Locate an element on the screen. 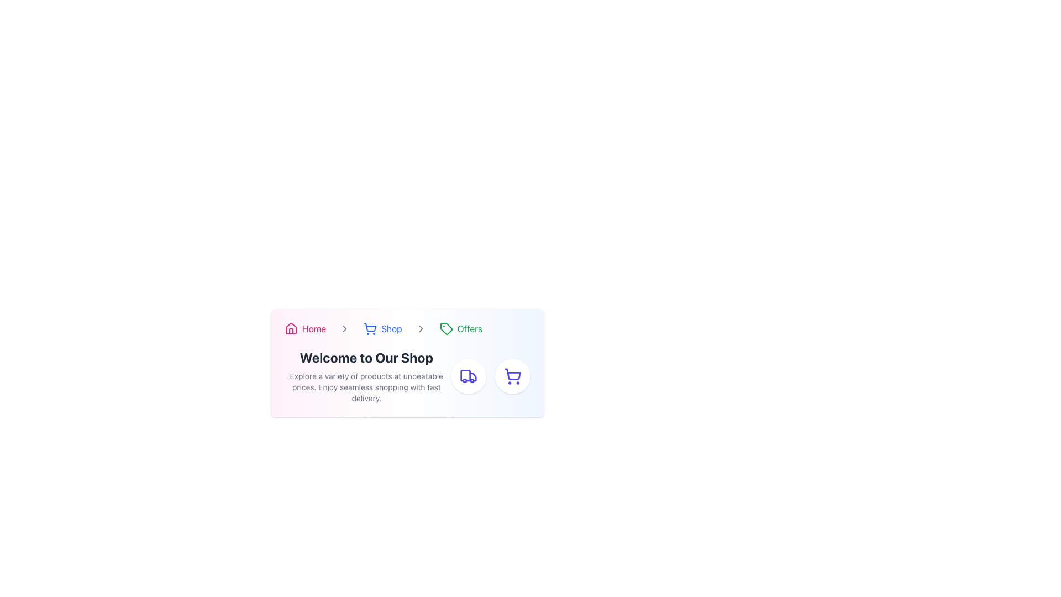 This screenshot has height=597, width=1061. the 'Shop' link in the breadcrumb navigation bar is located at coordinates (382, 328).